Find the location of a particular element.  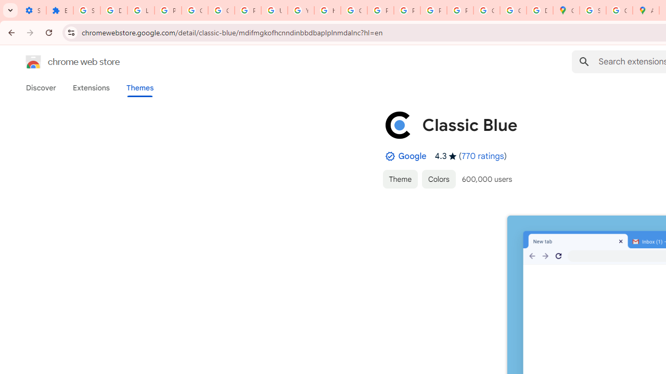

'Google Maps' is located at coordinates (566, 10).